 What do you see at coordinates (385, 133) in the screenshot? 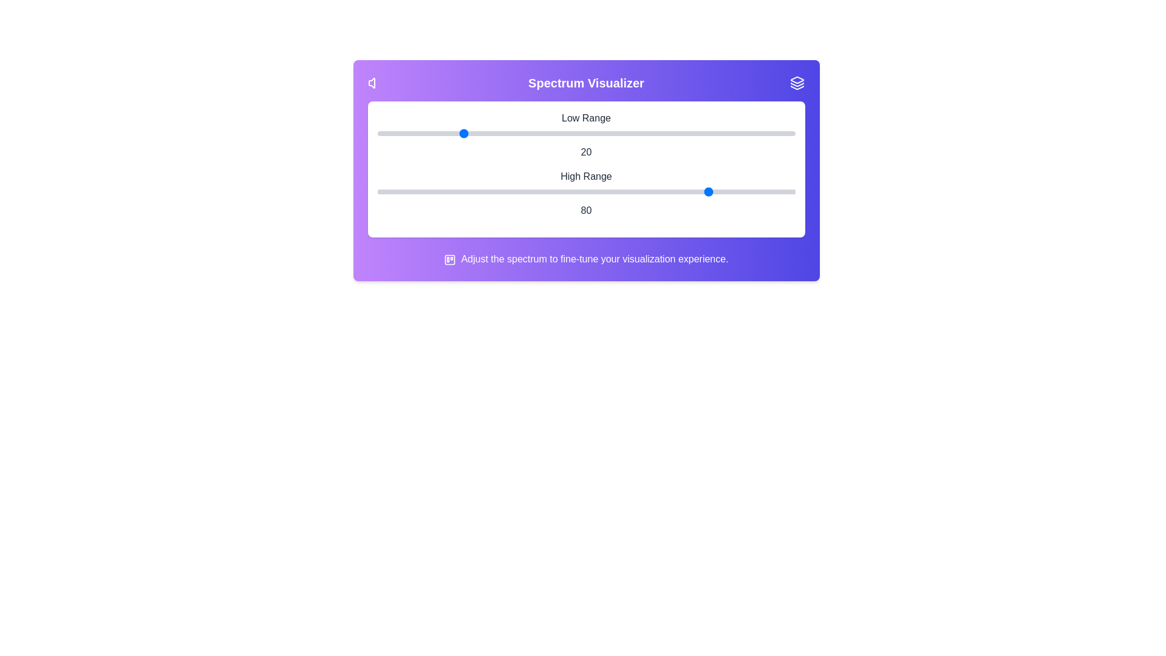
I see `the 0 slider to the value 2` at bounding box center [385, 133].